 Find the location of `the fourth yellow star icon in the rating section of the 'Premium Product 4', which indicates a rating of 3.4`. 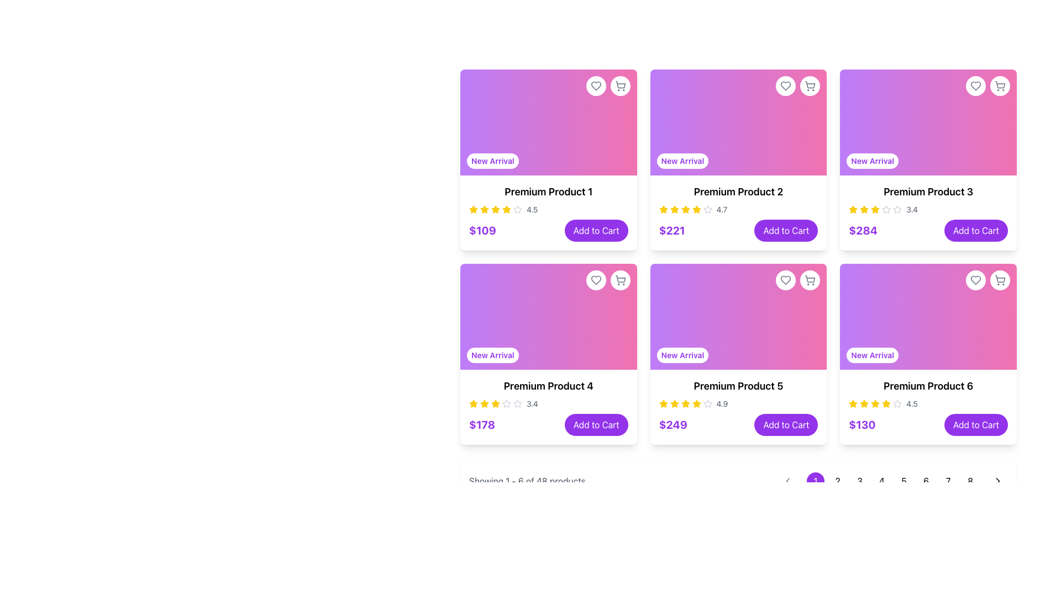

the fourth yellow star icon in the rating section of the 'Premium Product 4', which indicates a rating of 3.4 is located at coordinates (495, 404).